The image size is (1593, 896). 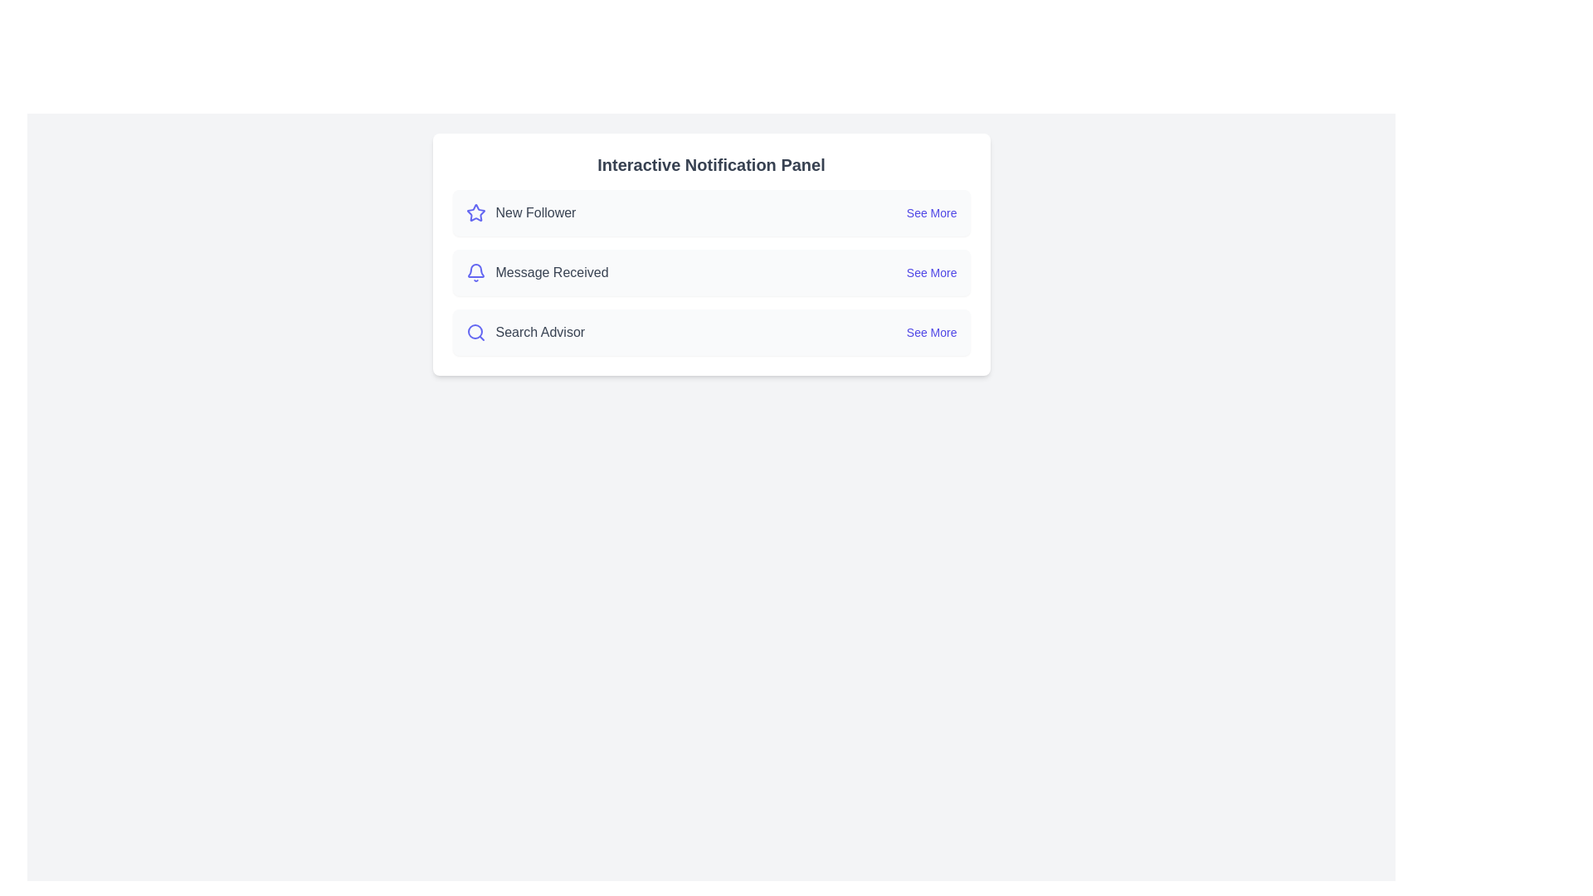 What do you see at coordinates (475, 333) in the screenshot?
I see `the 'Search Advisor' icon located in the third row of the interactive notification panel, positioned at the leftmost side, next to the 'Search Advisor' label` at bounding box center [475, 333].